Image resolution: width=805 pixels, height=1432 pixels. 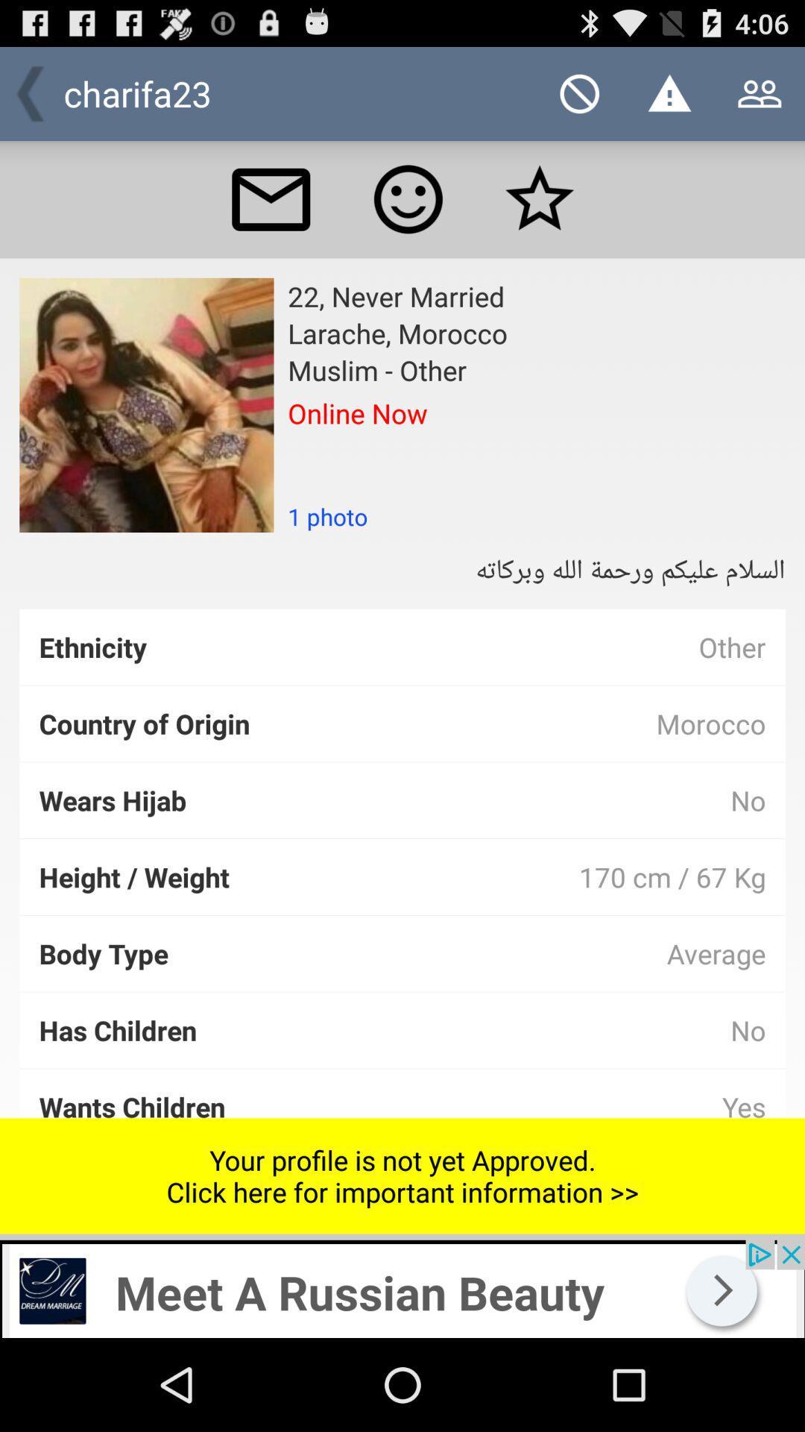 What do you see at coordinates (402, 1288) in the screenshot?
I see `advertisement page` at bounding box center [402, 1288].